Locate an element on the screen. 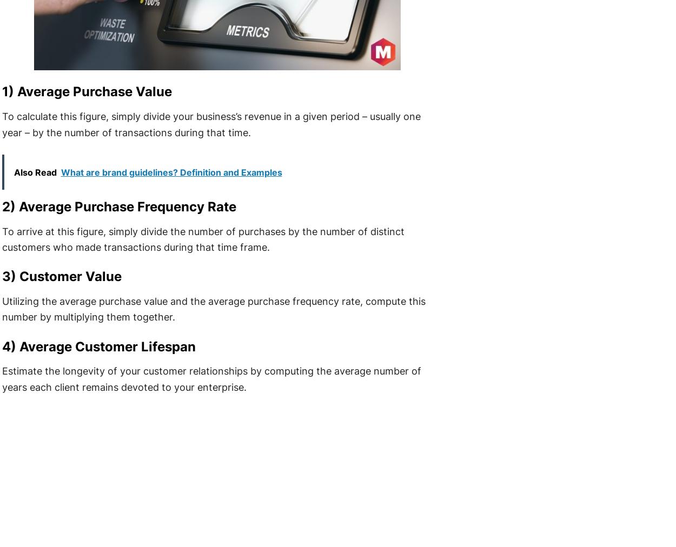 The height and width of the screenshot is (547, 676). 'To calculate this figure, simply divide your business’s revenue in a given period – usually one year – by the number of transactions during that time.' is located at coordinates (211, 124).